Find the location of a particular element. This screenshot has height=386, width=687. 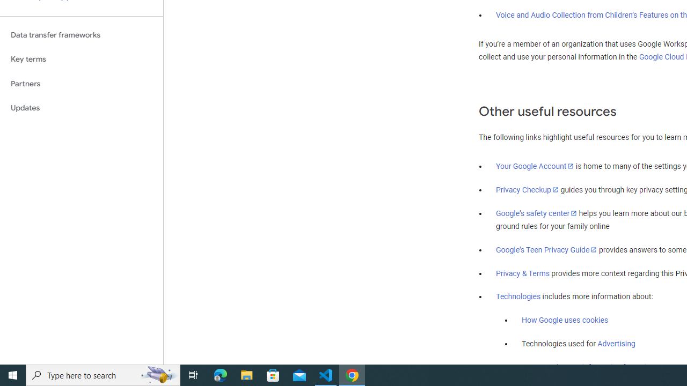

'Advertising' is located at coordinates (616, 344).